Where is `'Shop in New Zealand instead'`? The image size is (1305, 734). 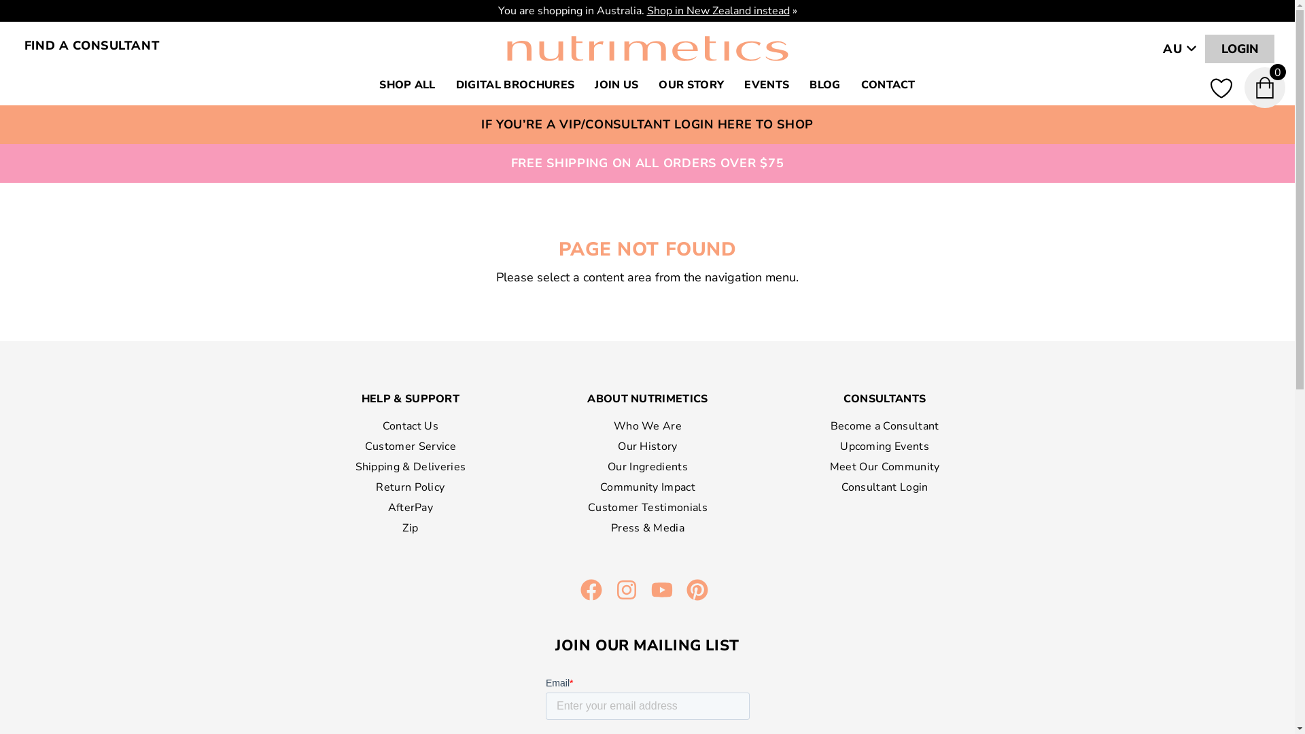 'Shop in New Zealand instead' is located at coordinates (717, 10).